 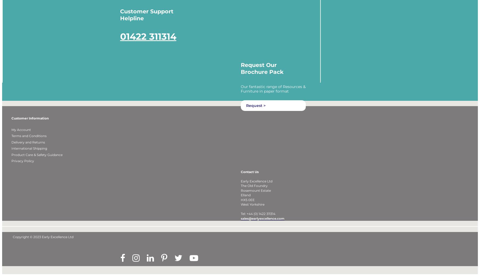 I want to click on 'Request >', so click(x=255, y=112).